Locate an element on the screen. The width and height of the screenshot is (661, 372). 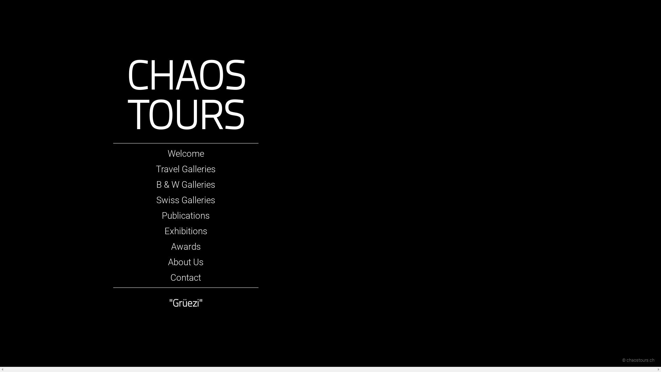
'About Us' is located at coordinates (186, 262).